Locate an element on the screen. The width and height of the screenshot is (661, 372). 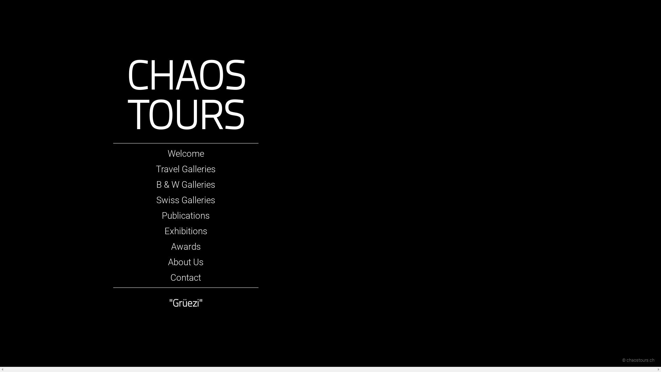
'About Us' is located at coordinates (186, 262).